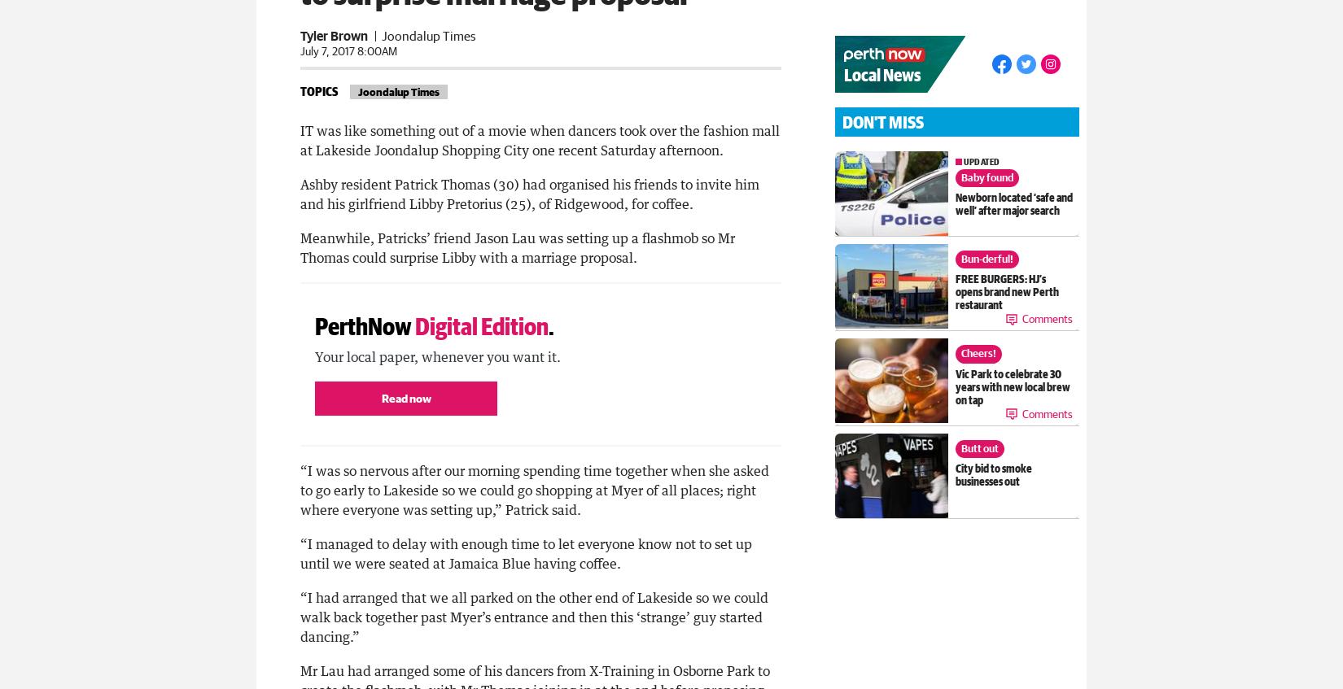  Describe the element at coordinates (348, 48) in the screenshot. I see `'July 7, 2017 8:00AM'` at that location.